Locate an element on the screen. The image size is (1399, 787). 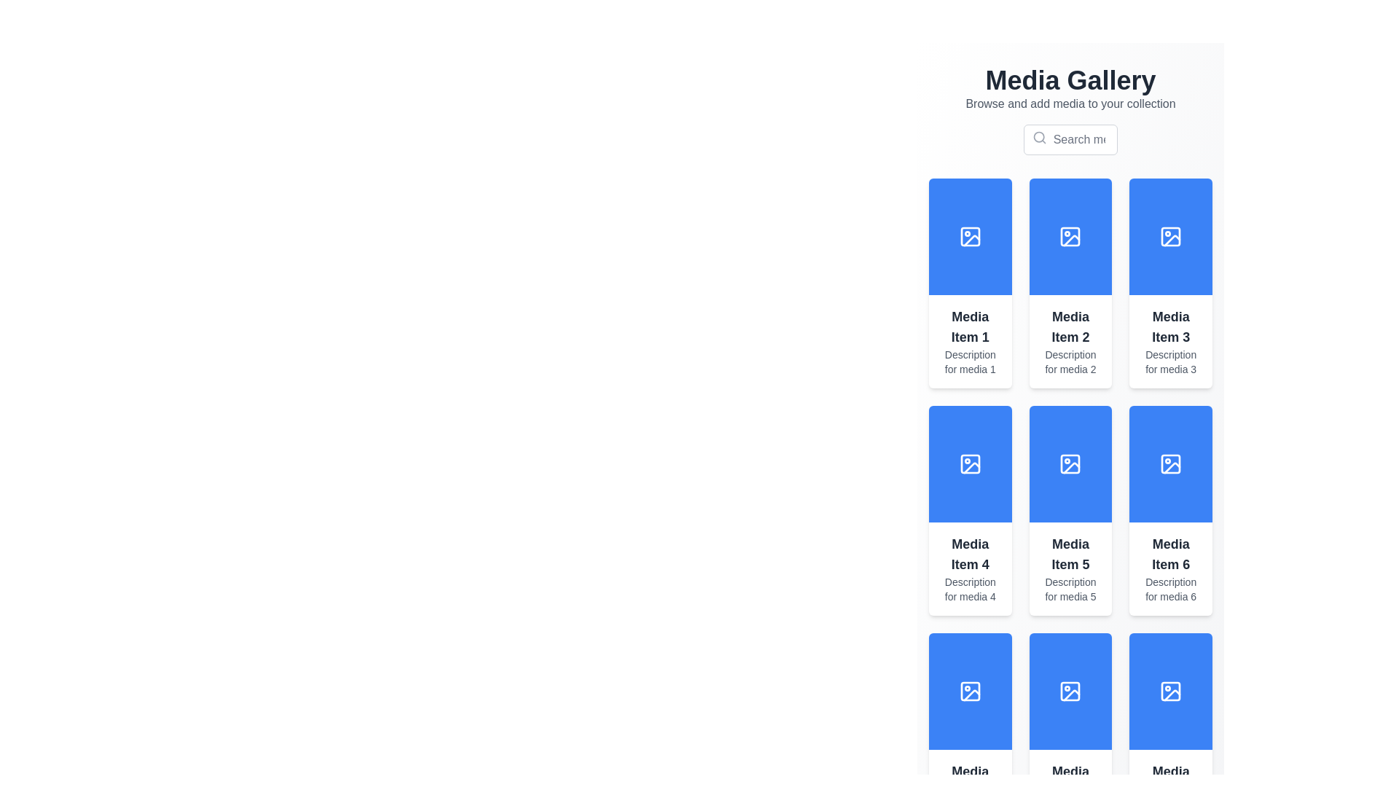
the details displayed in the Information Card for 'Media Item 4', which is located in the second row and first column of the grid layout is located at coordinates (970, 510).